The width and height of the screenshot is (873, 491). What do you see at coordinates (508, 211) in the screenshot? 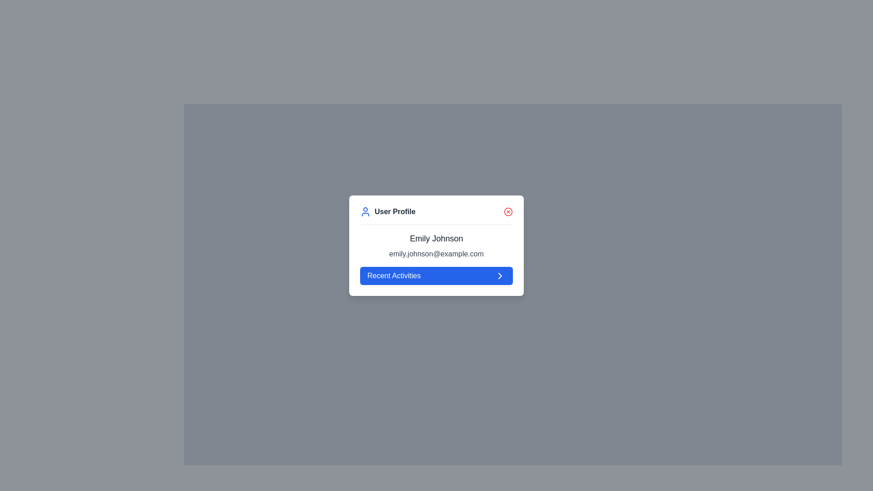
I see `the circular graphic element that is part of the composite icon located in the top-right section of the user profile card, next to the title` at bounding box center [508, 211].